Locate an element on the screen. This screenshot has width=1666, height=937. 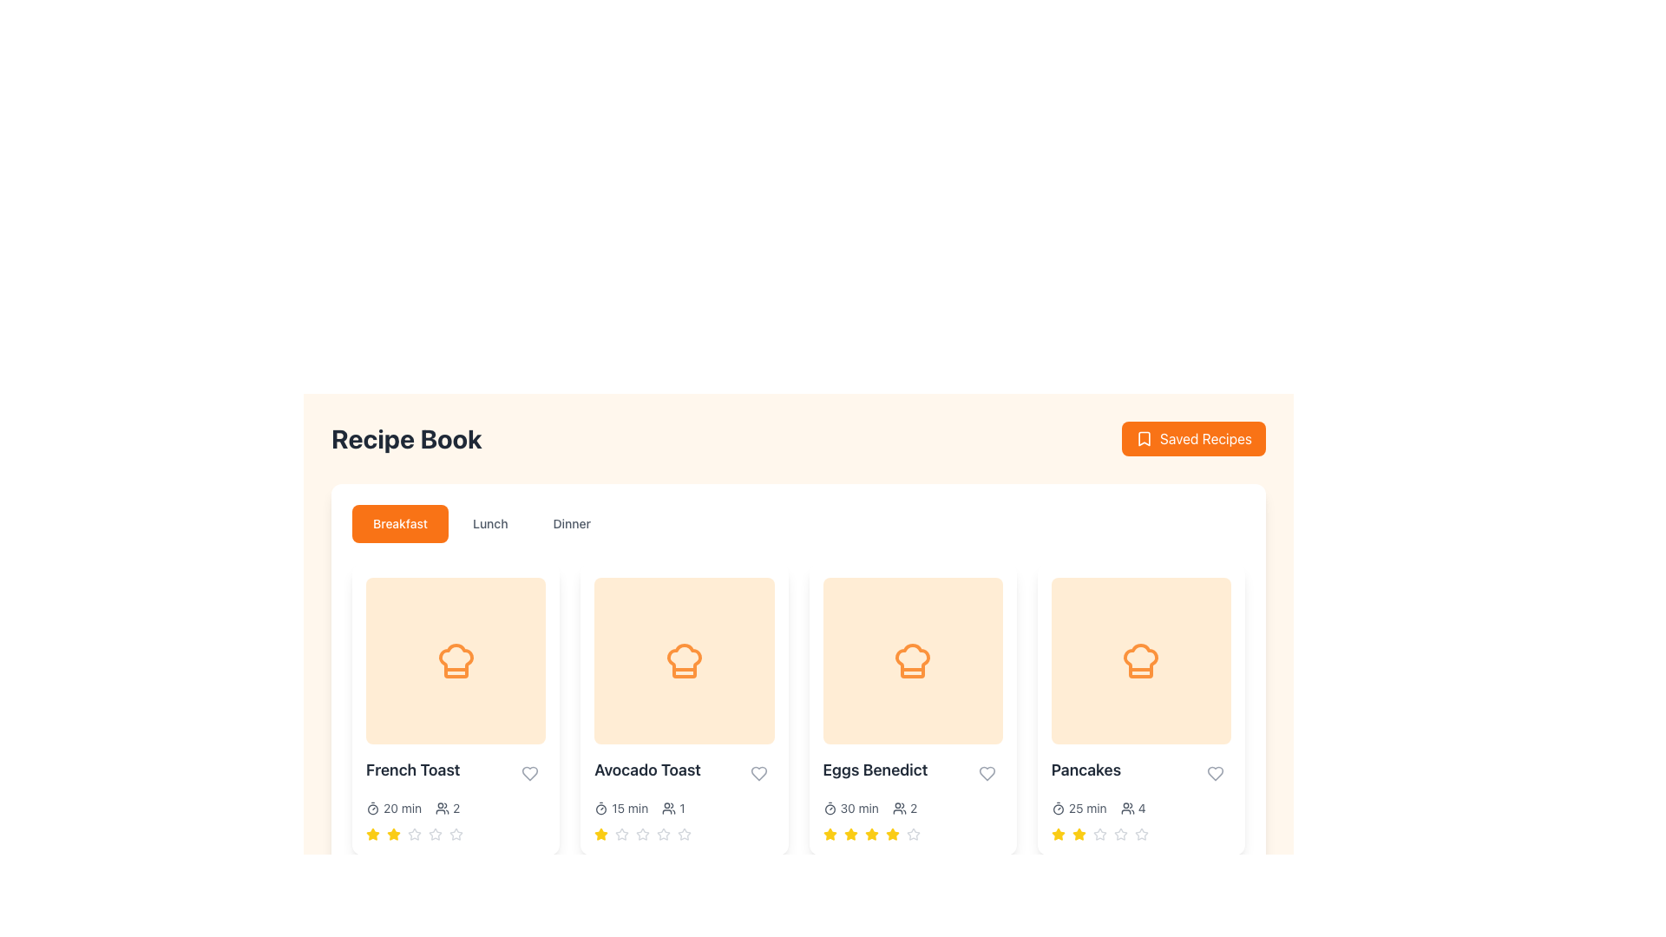
the 'French Toast' text label which is the title of the first recipe card in the Breakfast category is located at coordinates (456, 772).